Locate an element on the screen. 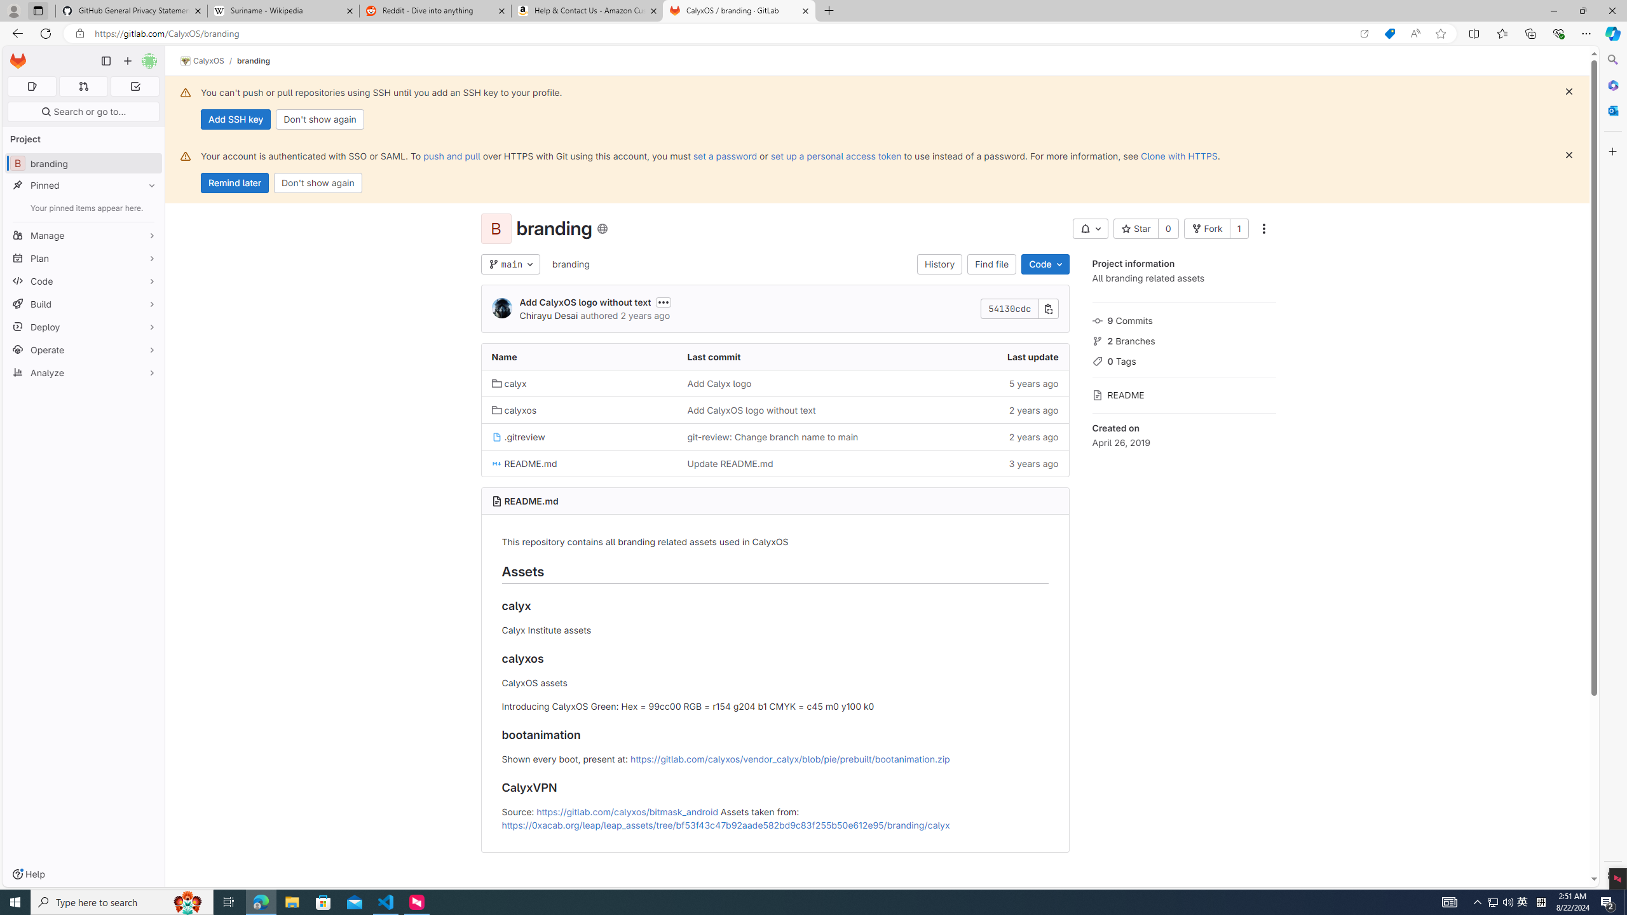  'Update README.md' is located at coordinates (729, 463).